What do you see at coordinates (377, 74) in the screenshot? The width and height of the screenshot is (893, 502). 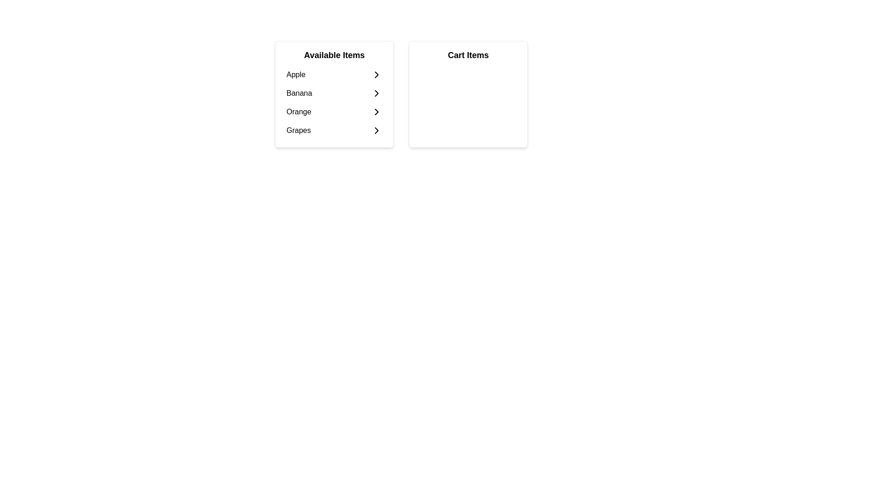 I see `the right-arrow SVG icon located to the right of the 'Apple' item in the 'Available Items' card` at bounding box center [377, 74].